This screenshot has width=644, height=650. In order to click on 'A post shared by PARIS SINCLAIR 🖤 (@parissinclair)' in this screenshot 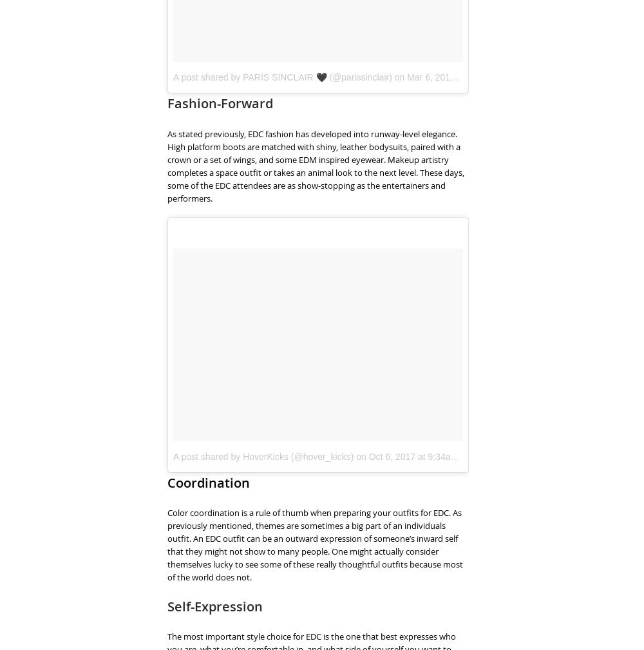, I will do `click(173, 76)`.